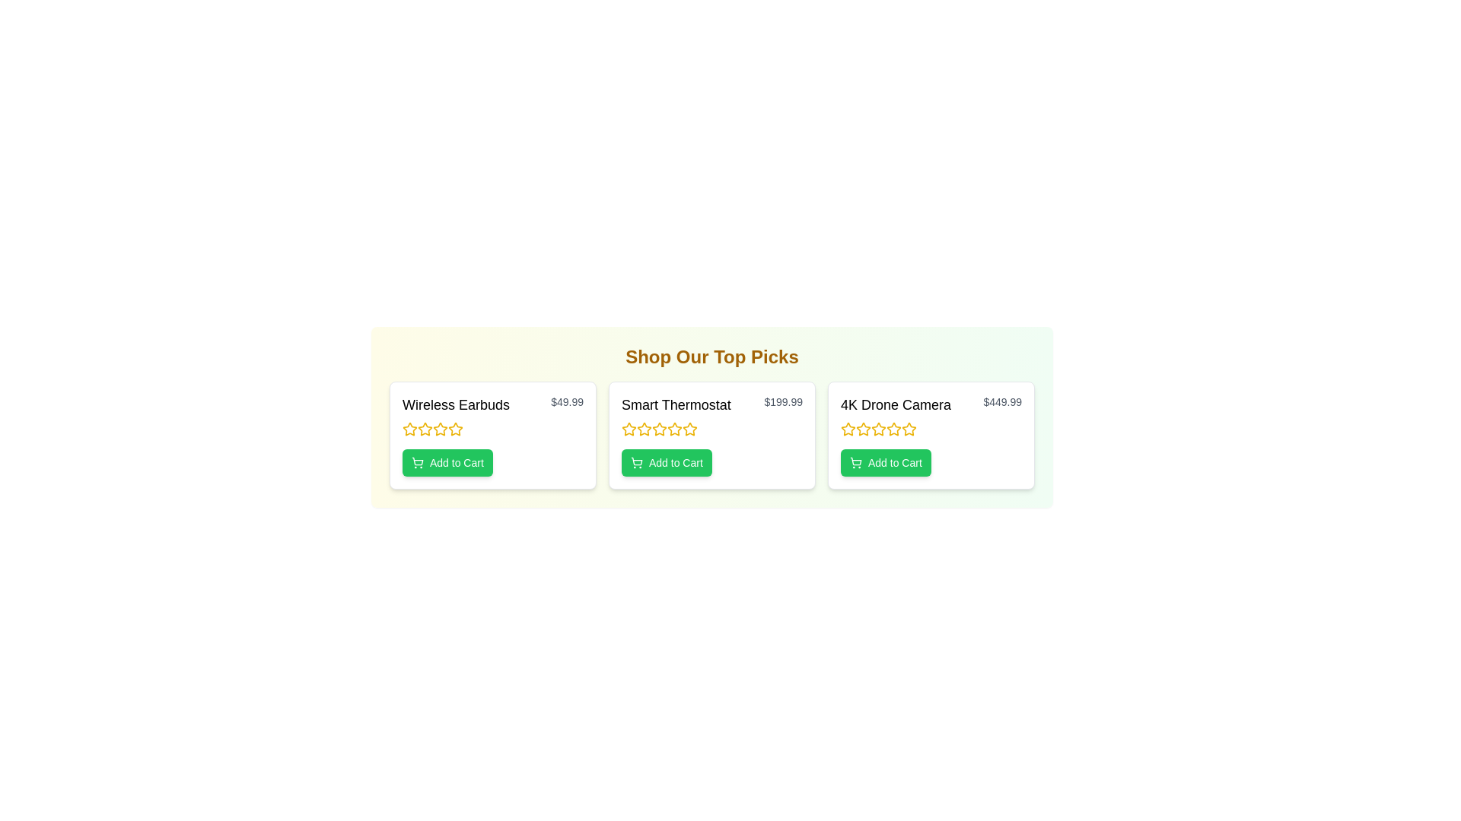 The height and width of the screenshot is (821, 1461). Describe the element at coordinates (447, 462) in the screenshot. I see `the 'Add to Cart' button for the product Wireless Earbuds` at that location.